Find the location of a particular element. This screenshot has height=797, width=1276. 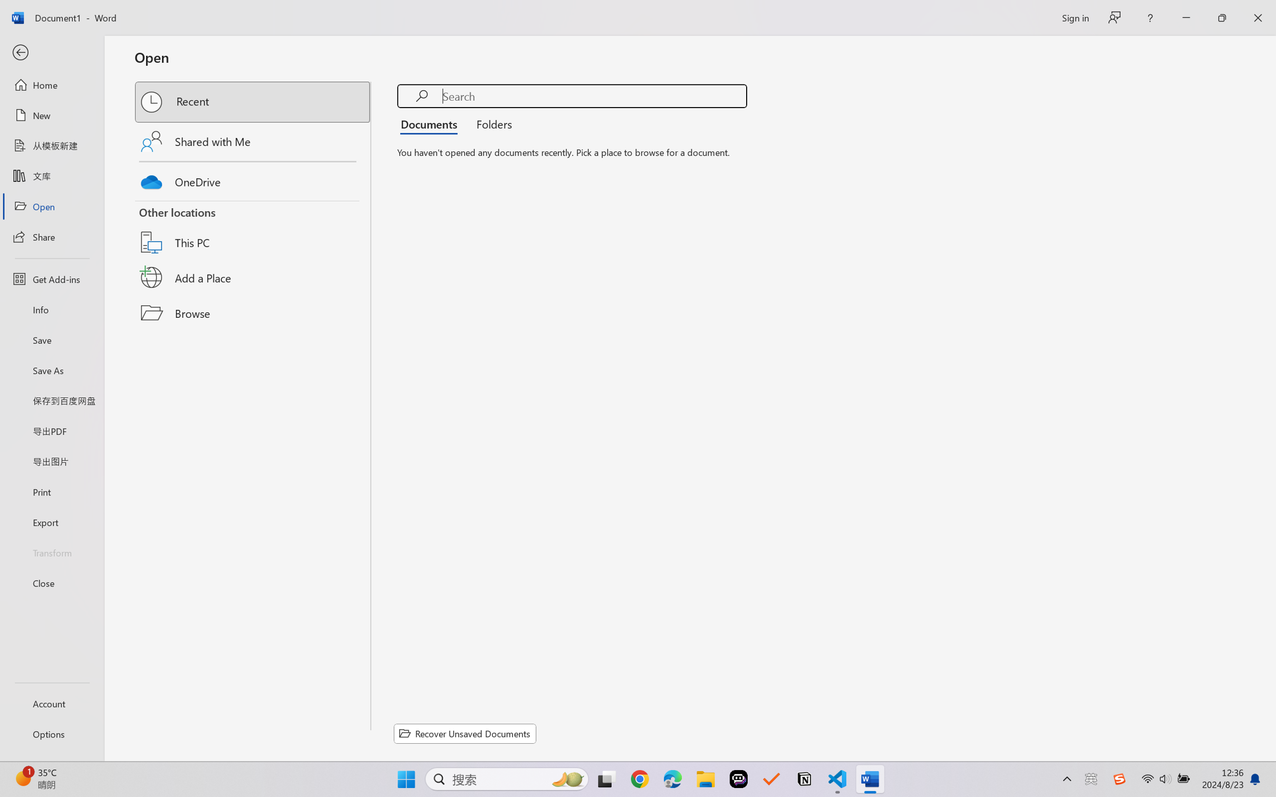

'Recent' is located at coordinates (253, 101).